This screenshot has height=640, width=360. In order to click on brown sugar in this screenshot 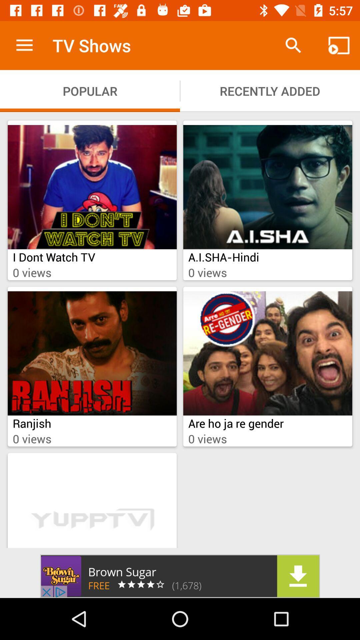, I will do `click(180, 576)`.